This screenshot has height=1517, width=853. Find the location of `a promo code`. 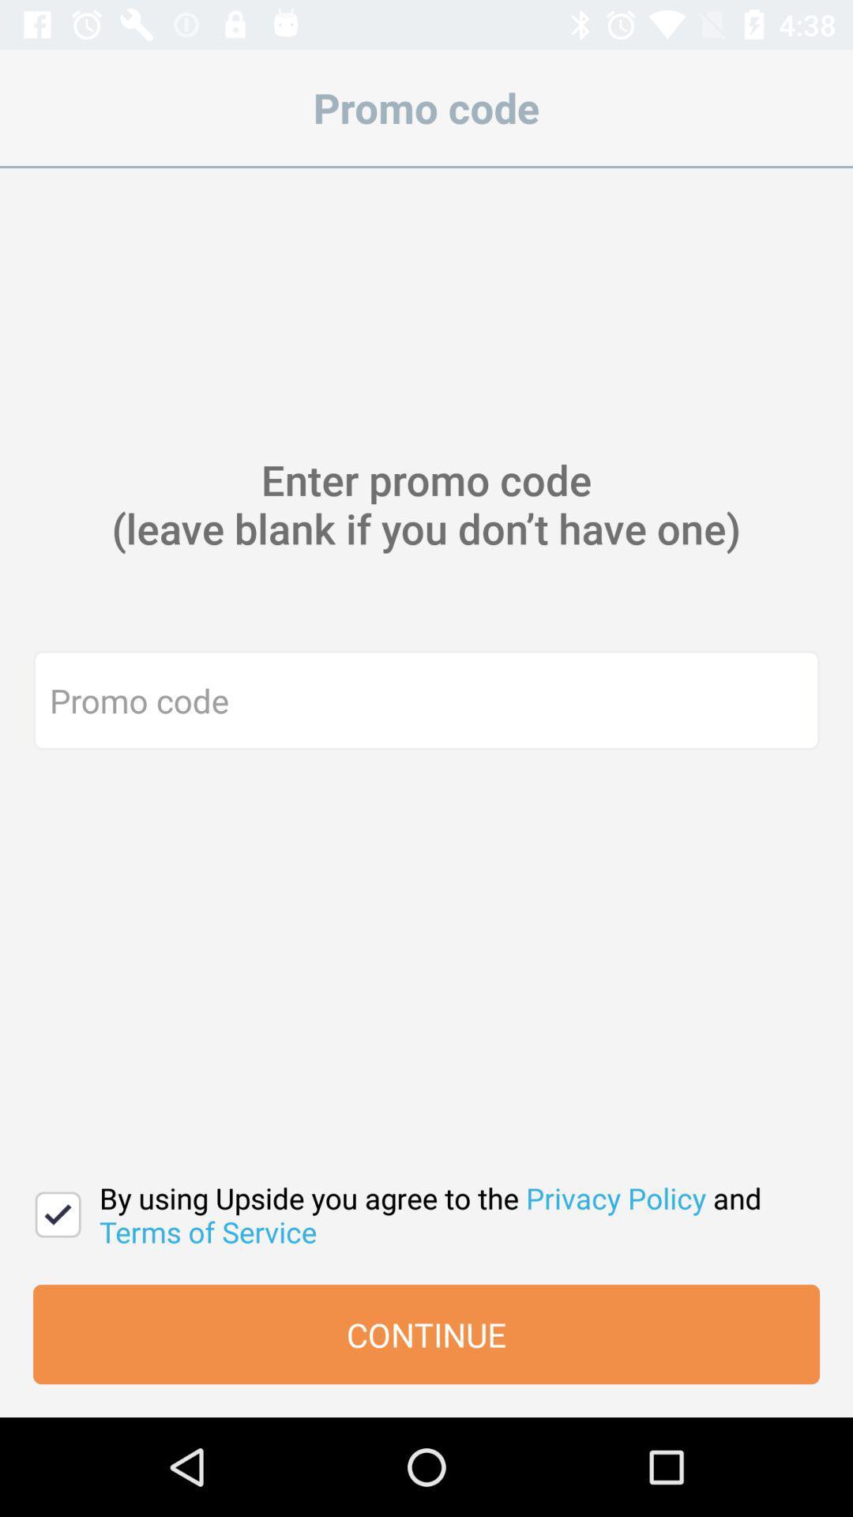

a promo code is located at coordinates (426, 699).